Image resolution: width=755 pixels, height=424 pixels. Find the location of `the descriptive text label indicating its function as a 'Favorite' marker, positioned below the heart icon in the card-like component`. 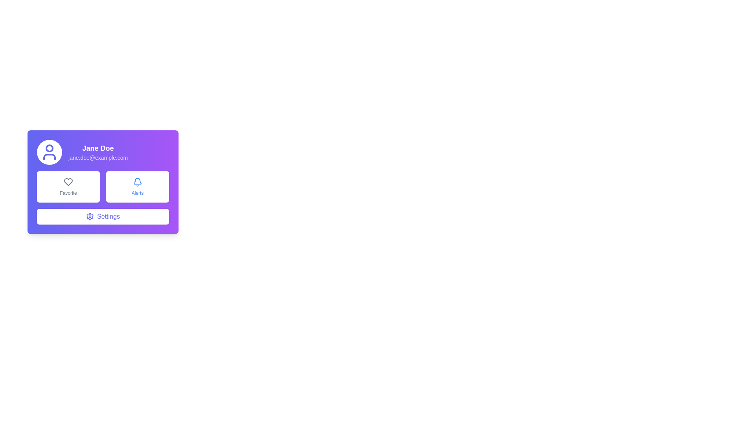

the descriptive text label indicating its function as a 'Favorite' marker, positioned below the heart icon in the card-like component is located at coordinates (68, 193).